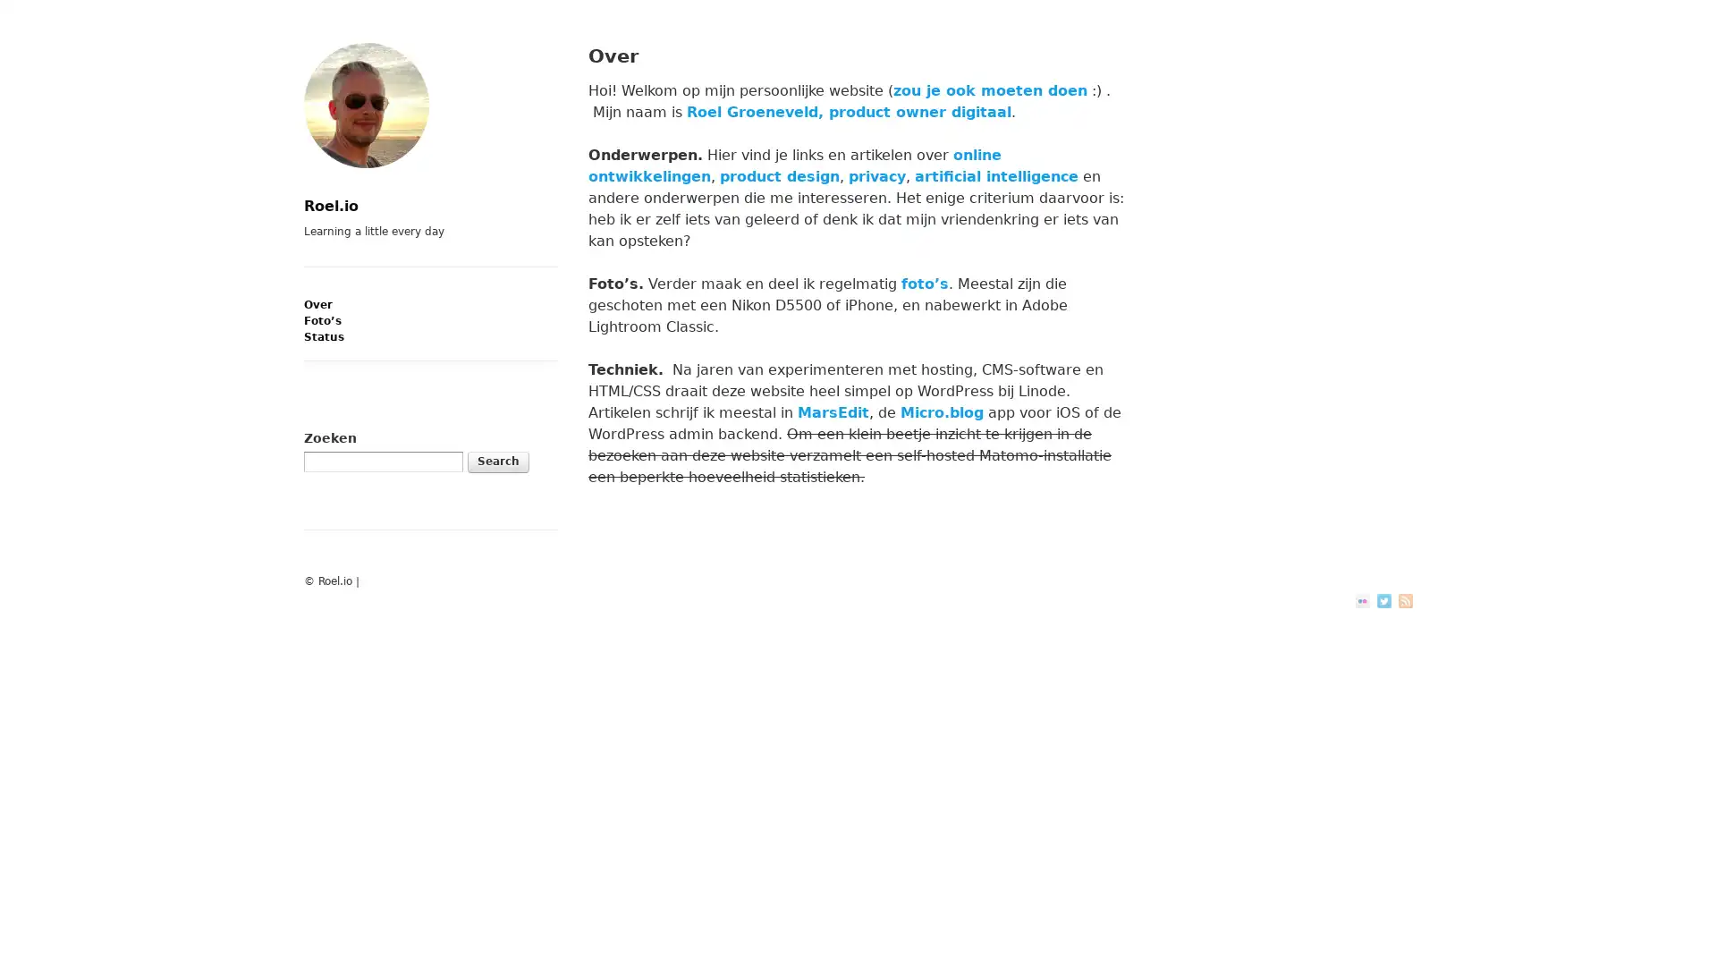 This screenshot has width=1717, height=966. What do you see at coordinates (498, 453) in the screenshot?
I see `Search` at bounding box center [498, 453].